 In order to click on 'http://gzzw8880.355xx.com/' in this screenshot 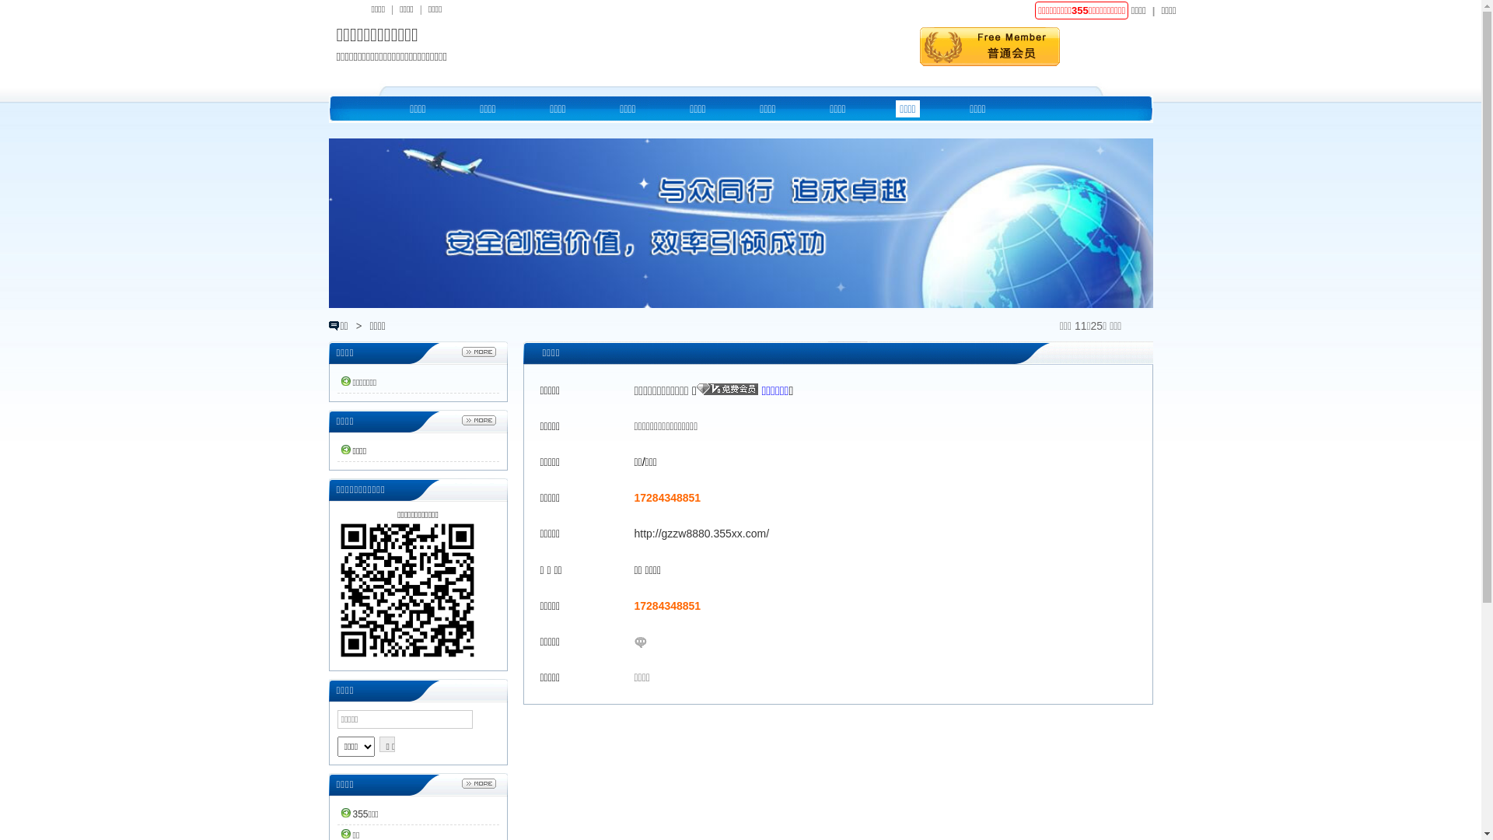, I will do `click(701, 533)`.